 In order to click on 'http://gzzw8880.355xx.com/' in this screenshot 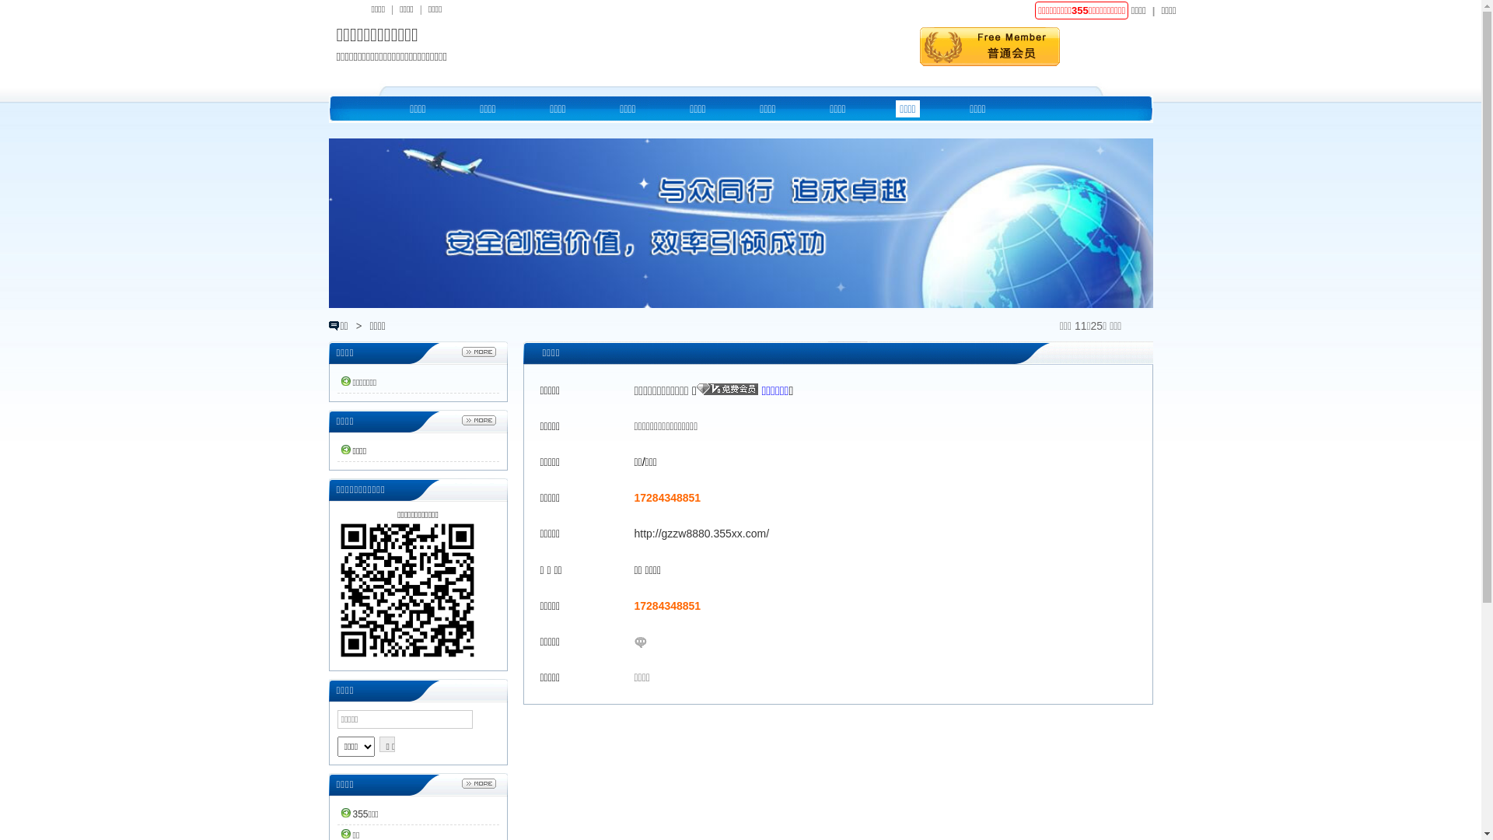, I will do `click(701, 533)`.